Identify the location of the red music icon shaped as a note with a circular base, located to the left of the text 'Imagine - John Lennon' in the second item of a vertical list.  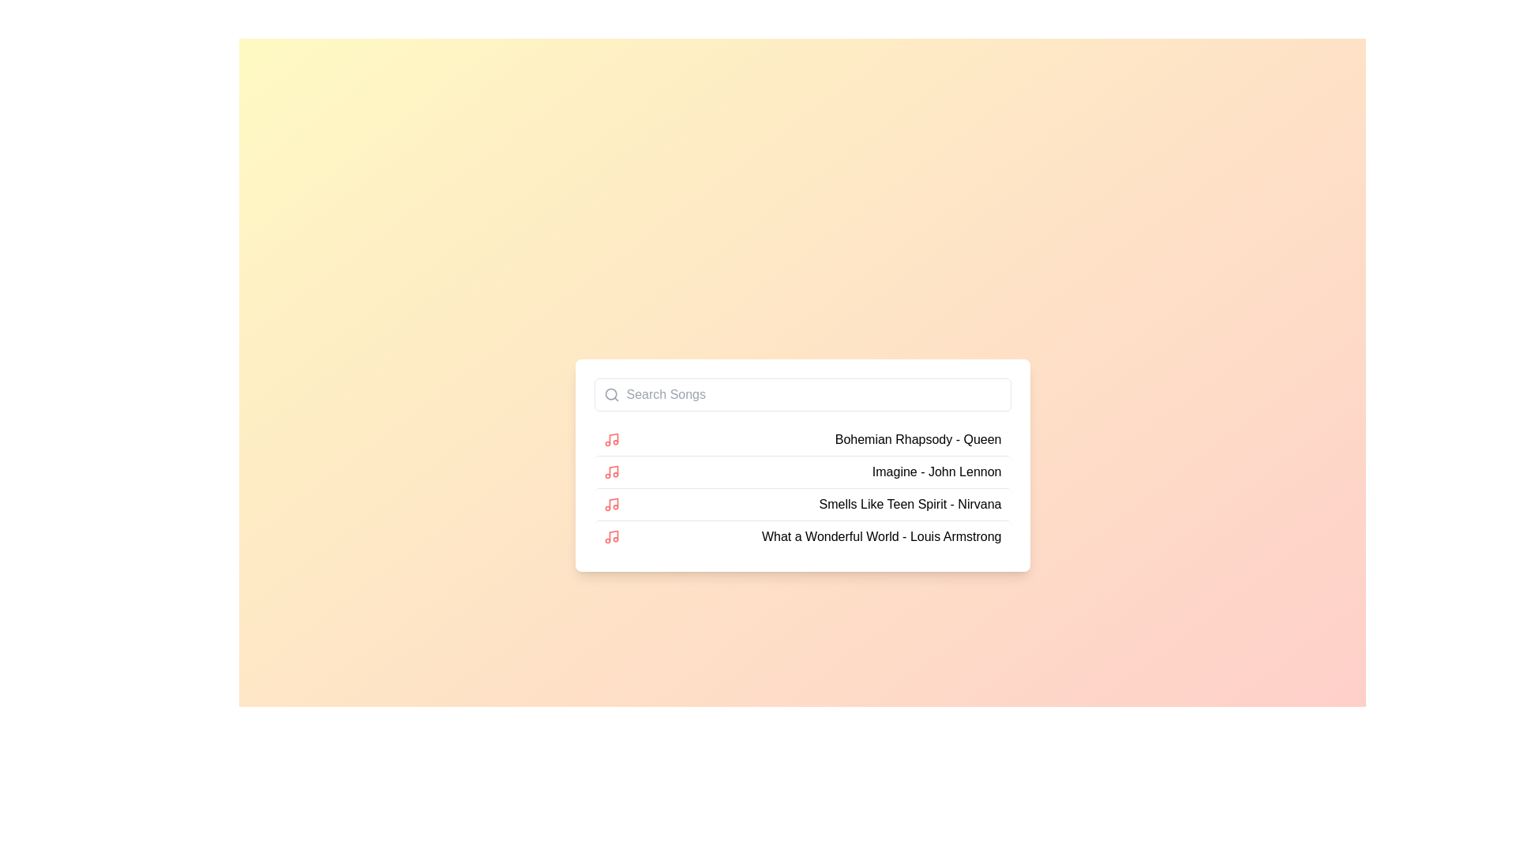
(610, 471).